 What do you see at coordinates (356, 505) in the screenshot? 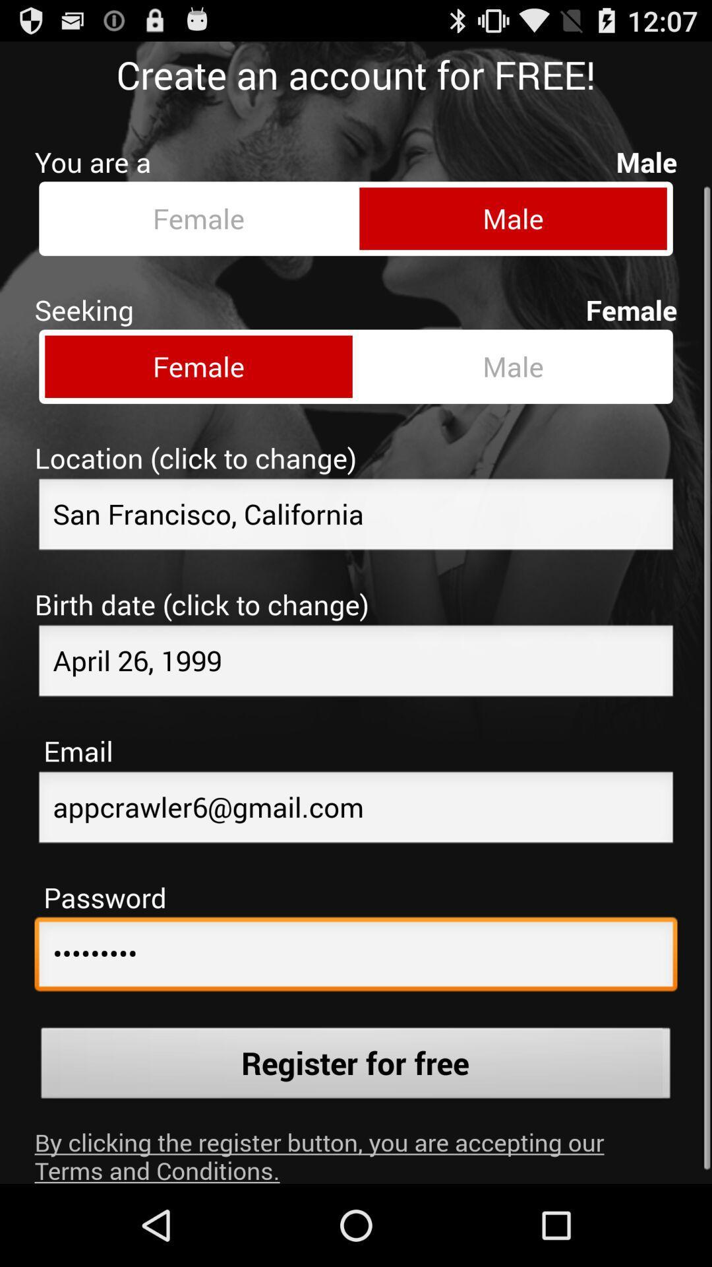
I see `change location` at bounding box center [356, 505].